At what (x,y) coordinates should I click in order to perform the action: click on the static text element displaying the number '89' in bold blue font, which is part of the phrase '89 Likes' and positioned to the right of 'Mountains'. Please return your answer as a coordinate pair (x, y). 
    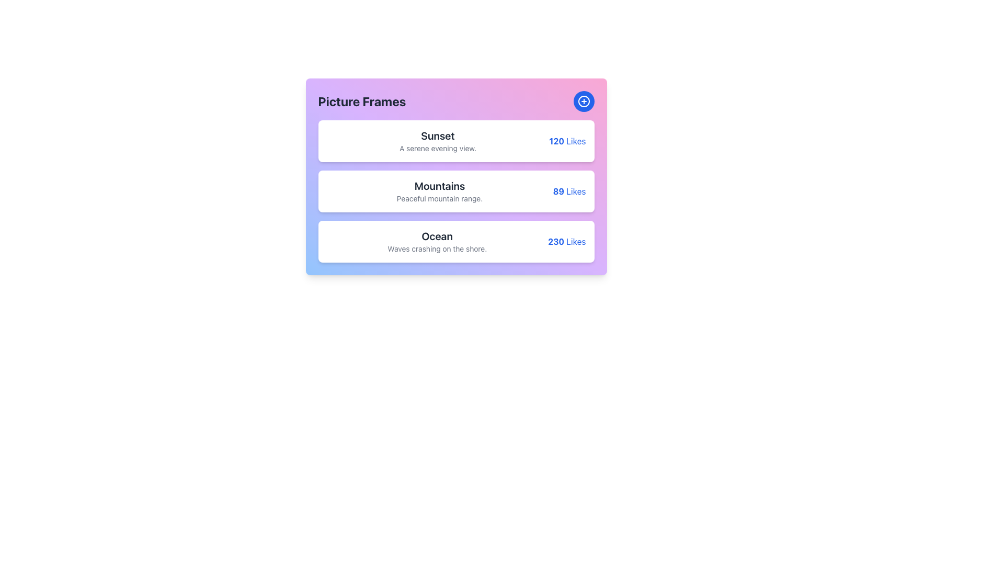
    Looking at the image, I should click on (558, 191).